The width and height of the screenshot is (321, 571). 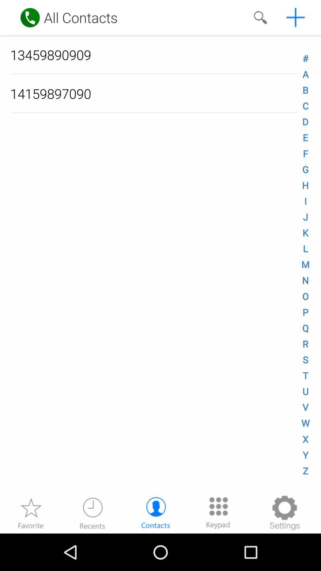 What do you see at coordinates (155, 512) in the screenshot?
I see `the contacts at the bottom of the page` at bounding box center [155, 512].